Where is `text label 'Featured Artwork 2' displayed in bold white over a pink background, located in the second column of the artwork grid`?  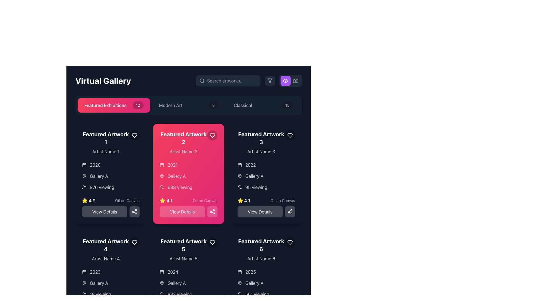 text label 'Featured Artwork 2' displayed in bold white over a pink background, located in the second column of the artwork grid is located at coordinates (183, 138).